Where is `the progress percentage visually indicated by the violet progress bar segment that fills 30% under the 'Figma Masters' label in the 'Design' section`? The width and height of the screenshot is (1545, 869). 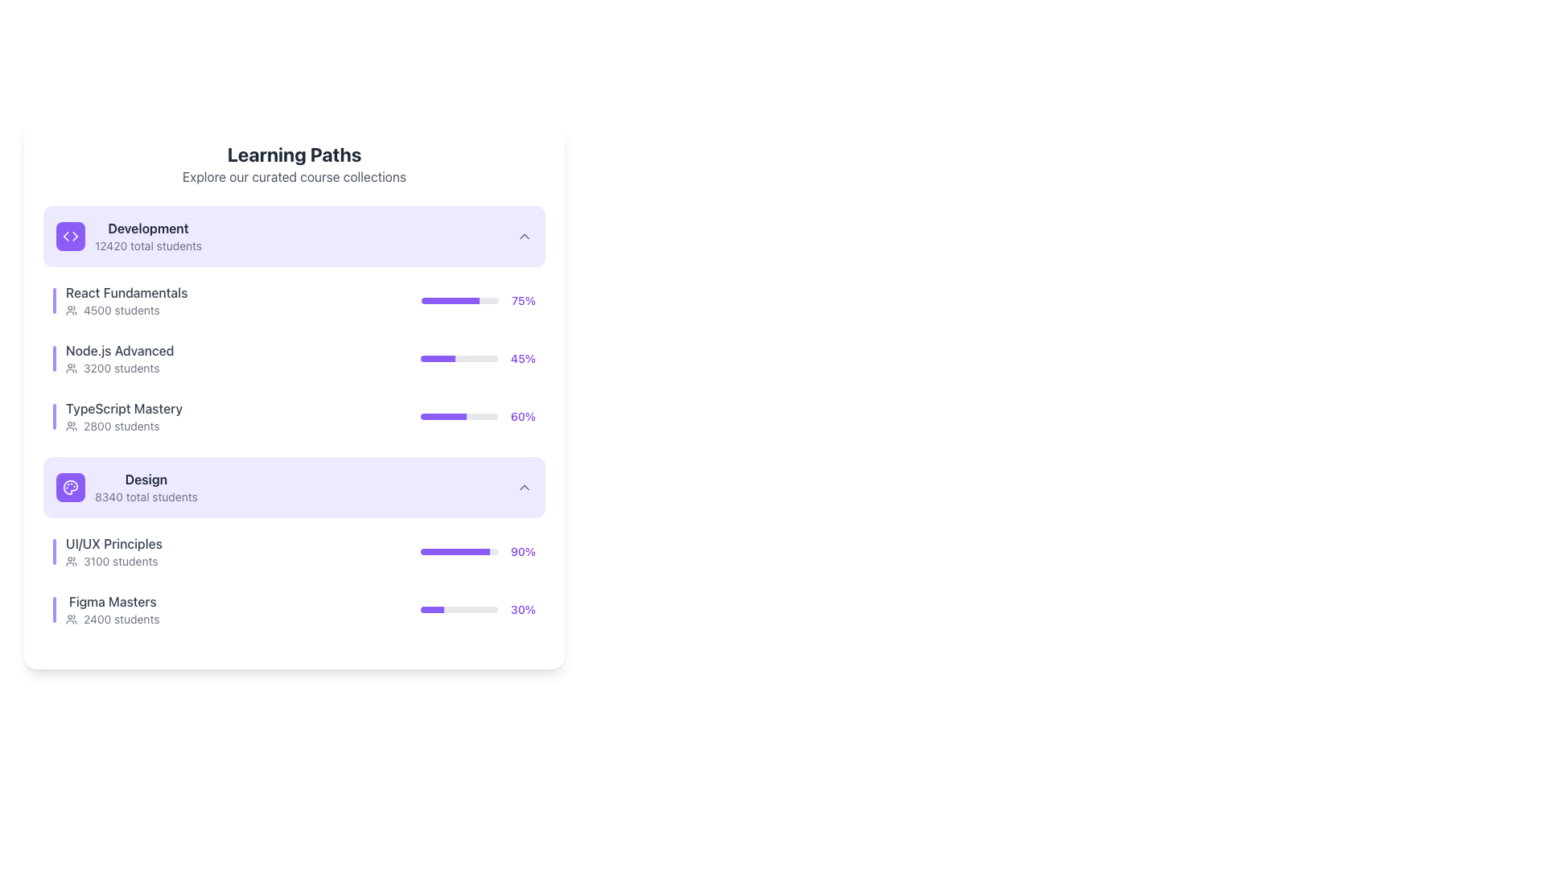 the progress percentage visually indicated by the violet progress bar segment that fills 30% under the 'Figma Masters' label in the 'Design' section is located at coordinates (432, 610).